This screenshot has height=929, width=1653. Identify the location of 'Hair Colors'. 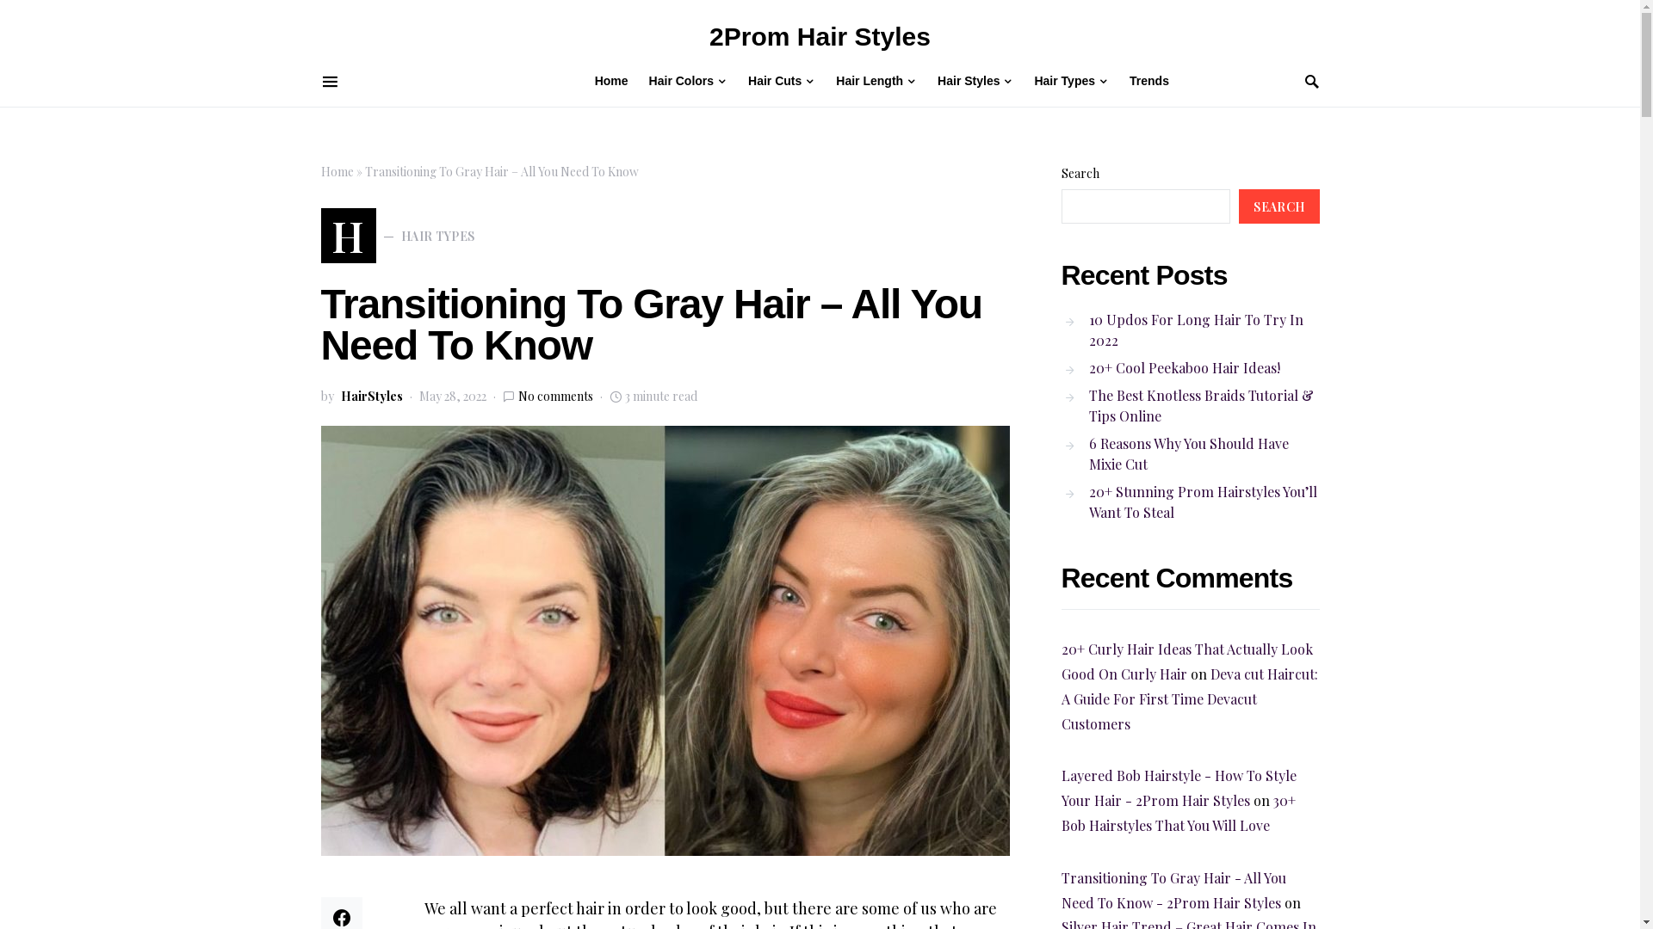
(687, 80).